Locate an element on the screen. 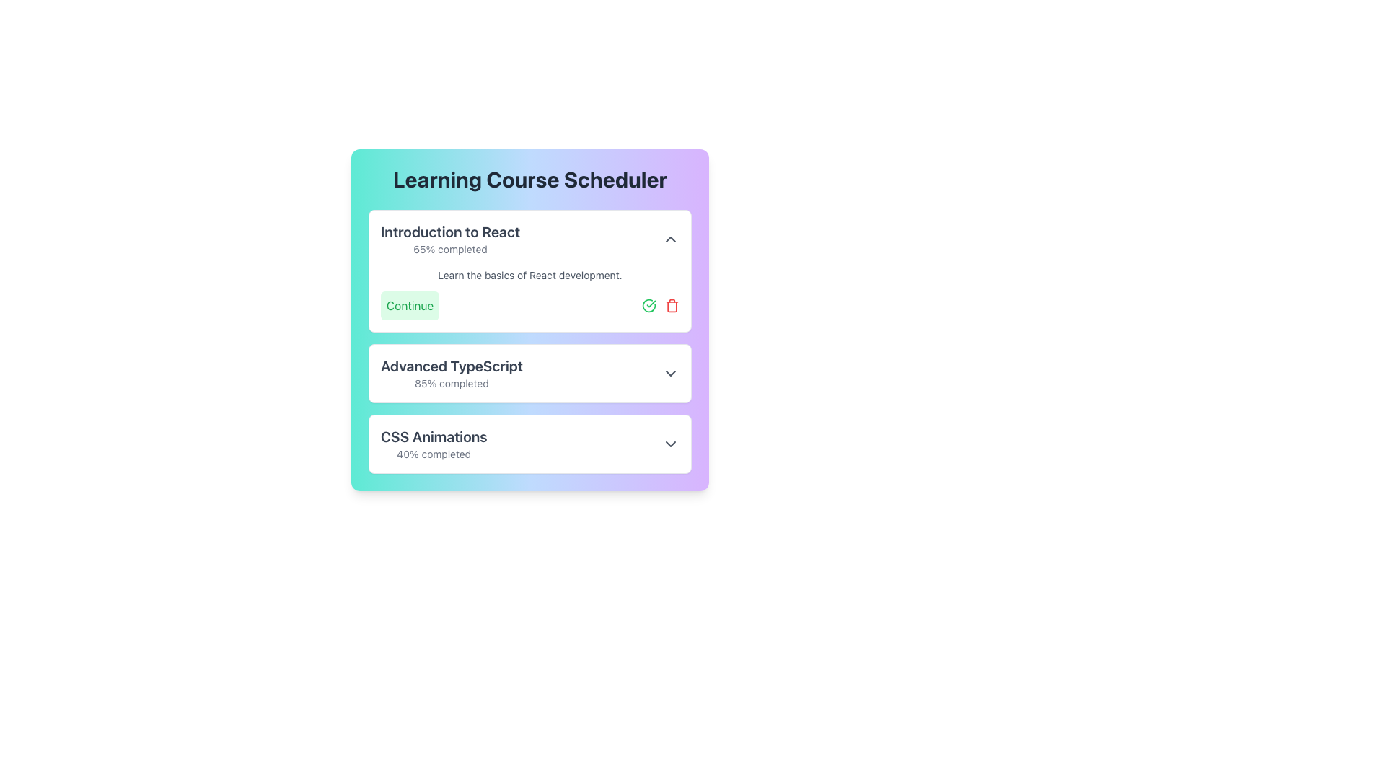 The width and height of the screenshot is (1385, 779). the toggle icon button located in the bottom-right corner of the 'CSS Animations' block is located at coordinates (670, 444).